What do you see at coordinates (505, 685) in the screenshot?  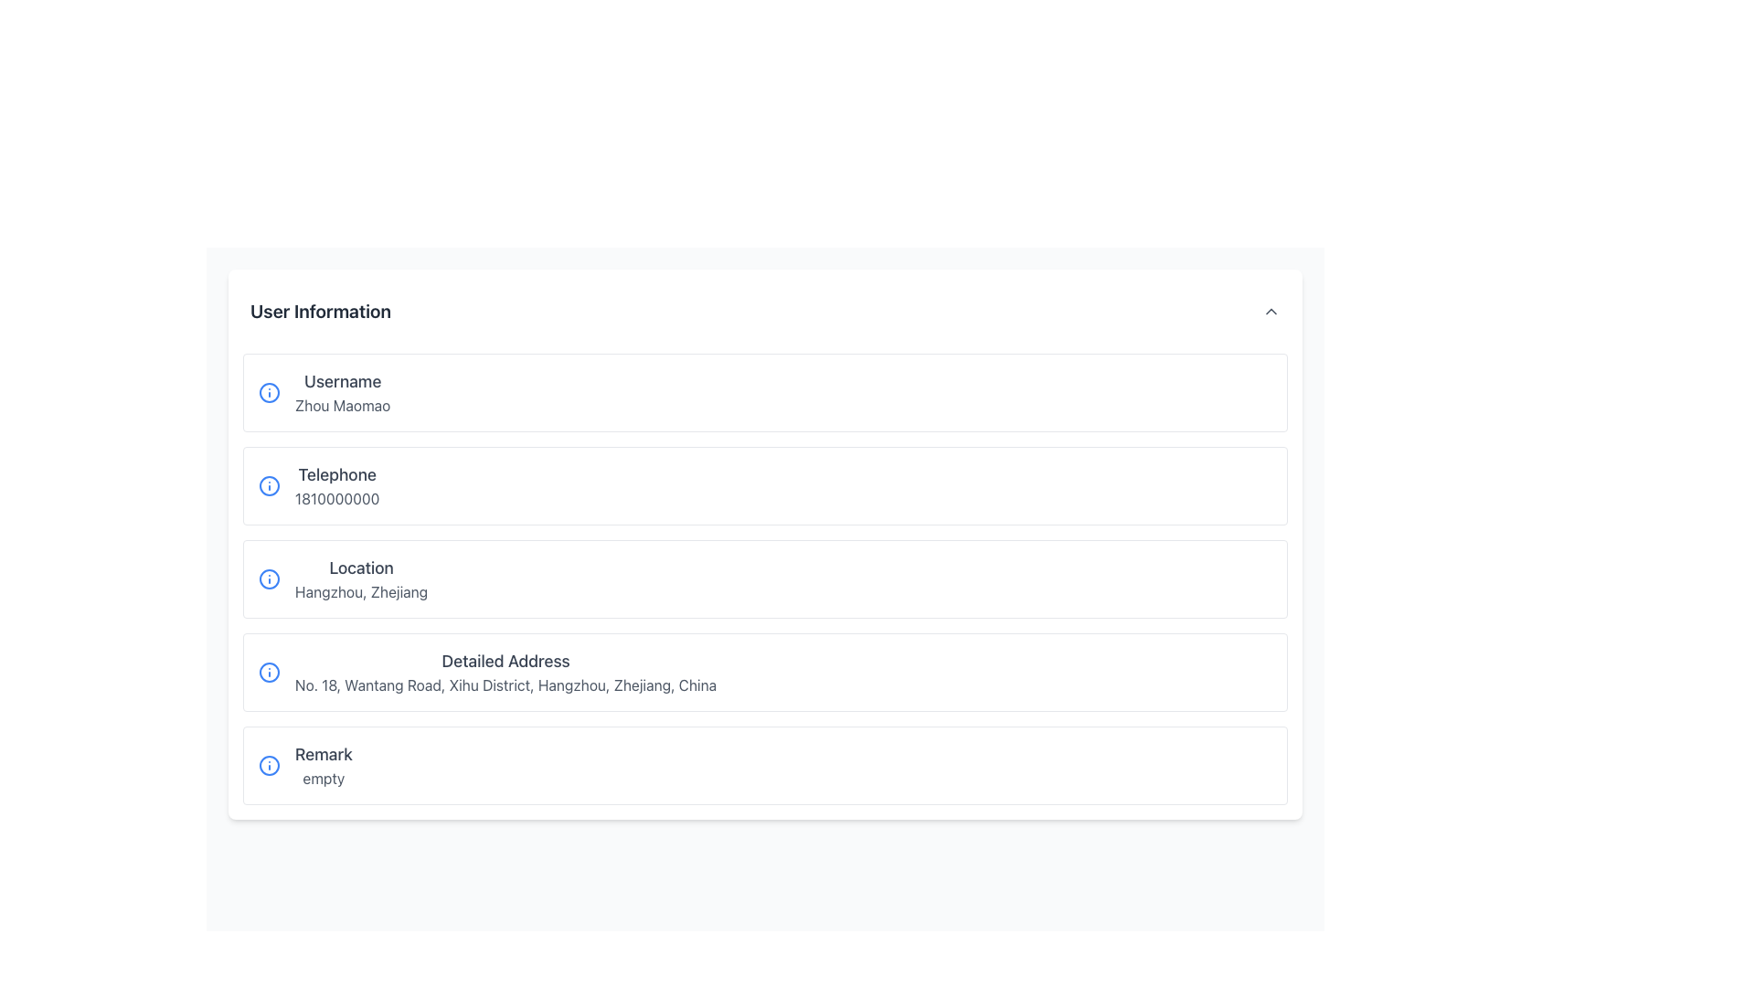 I see `the Text Display element that shows the user's detailed address, located directly below the 'Detailed Address' label` at bounding box center [505, 685].